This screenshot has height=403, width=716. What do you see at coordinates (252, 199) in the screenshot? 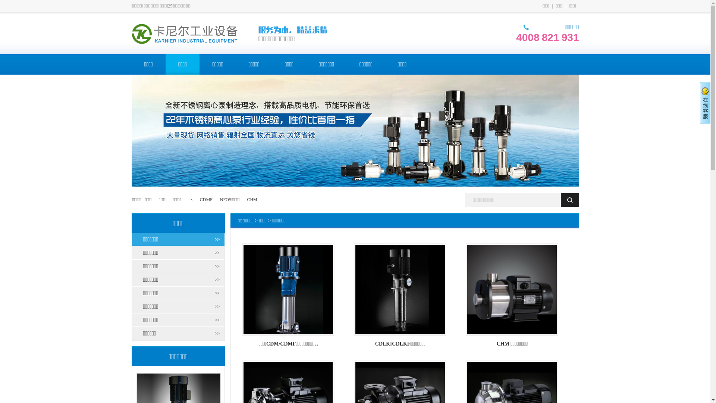
I see `'CHM'` at bounding box center [252, 199].